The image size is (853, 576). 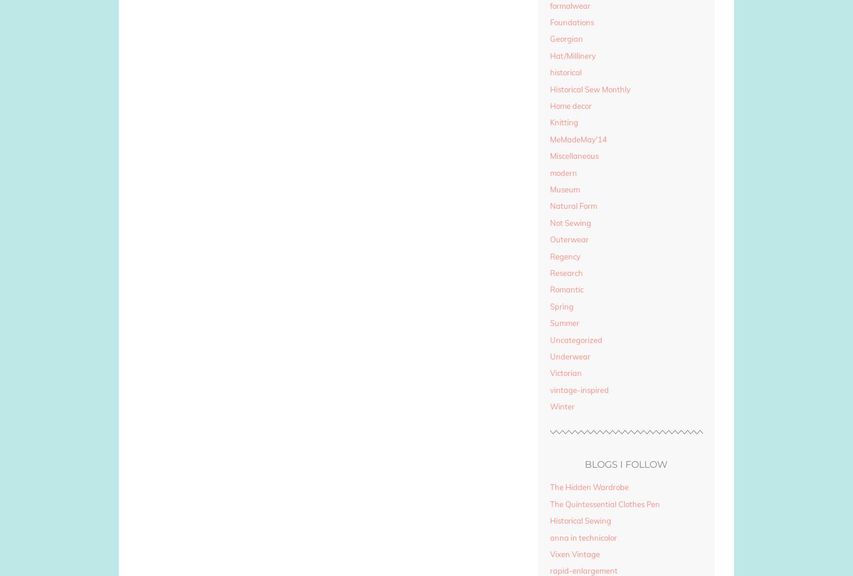 What do you see at coordinates (562, 172) in the screenshot?
I see `'modern'` at bounding box center [562, 172].